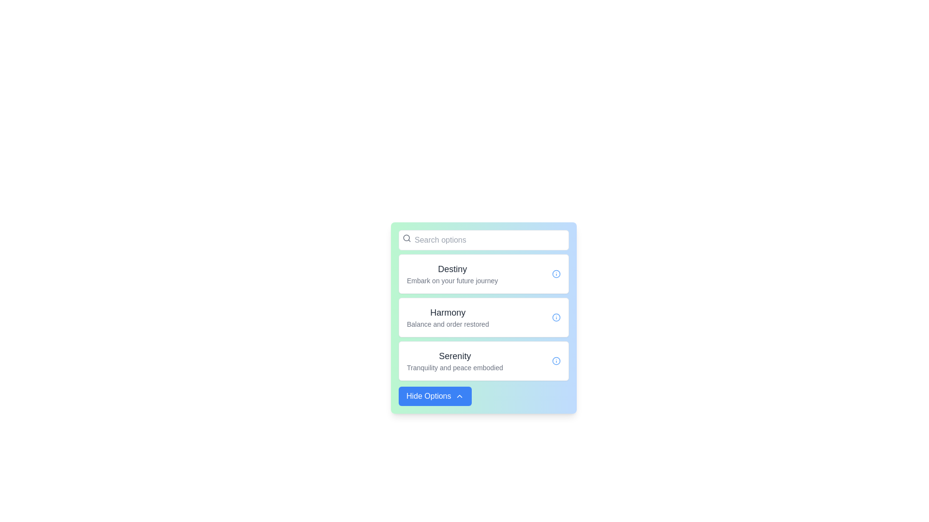  Describe the element at coordinates (556, 274) in the screenshot. I see `the information indicator icon located in the top-right corner of the 'Destiny' option card` at that location.